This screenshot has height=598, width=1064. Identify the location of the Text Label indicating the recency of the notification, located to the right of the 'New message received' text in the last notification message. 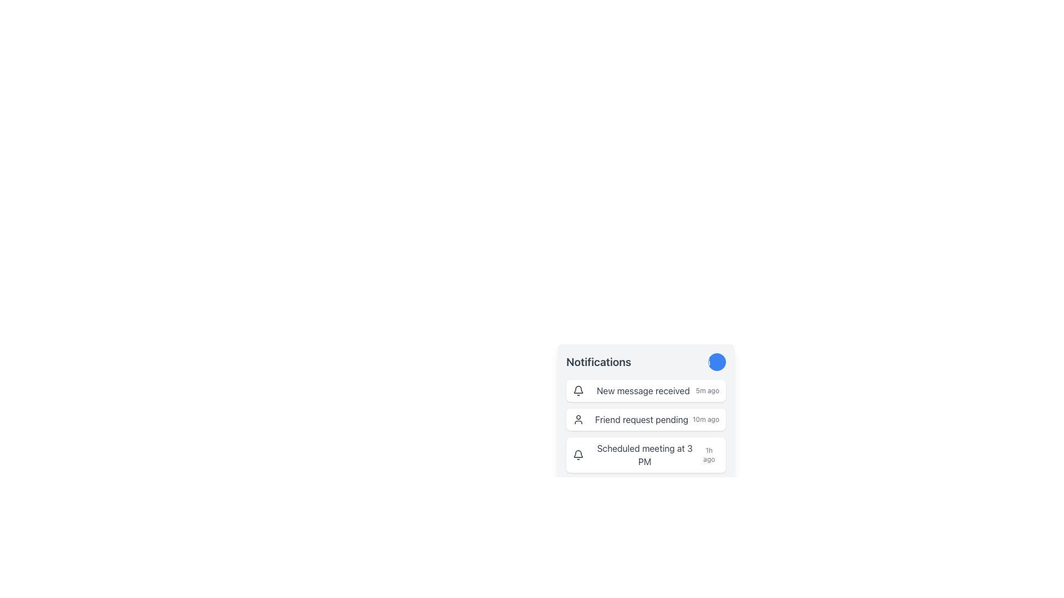
(707, 390).